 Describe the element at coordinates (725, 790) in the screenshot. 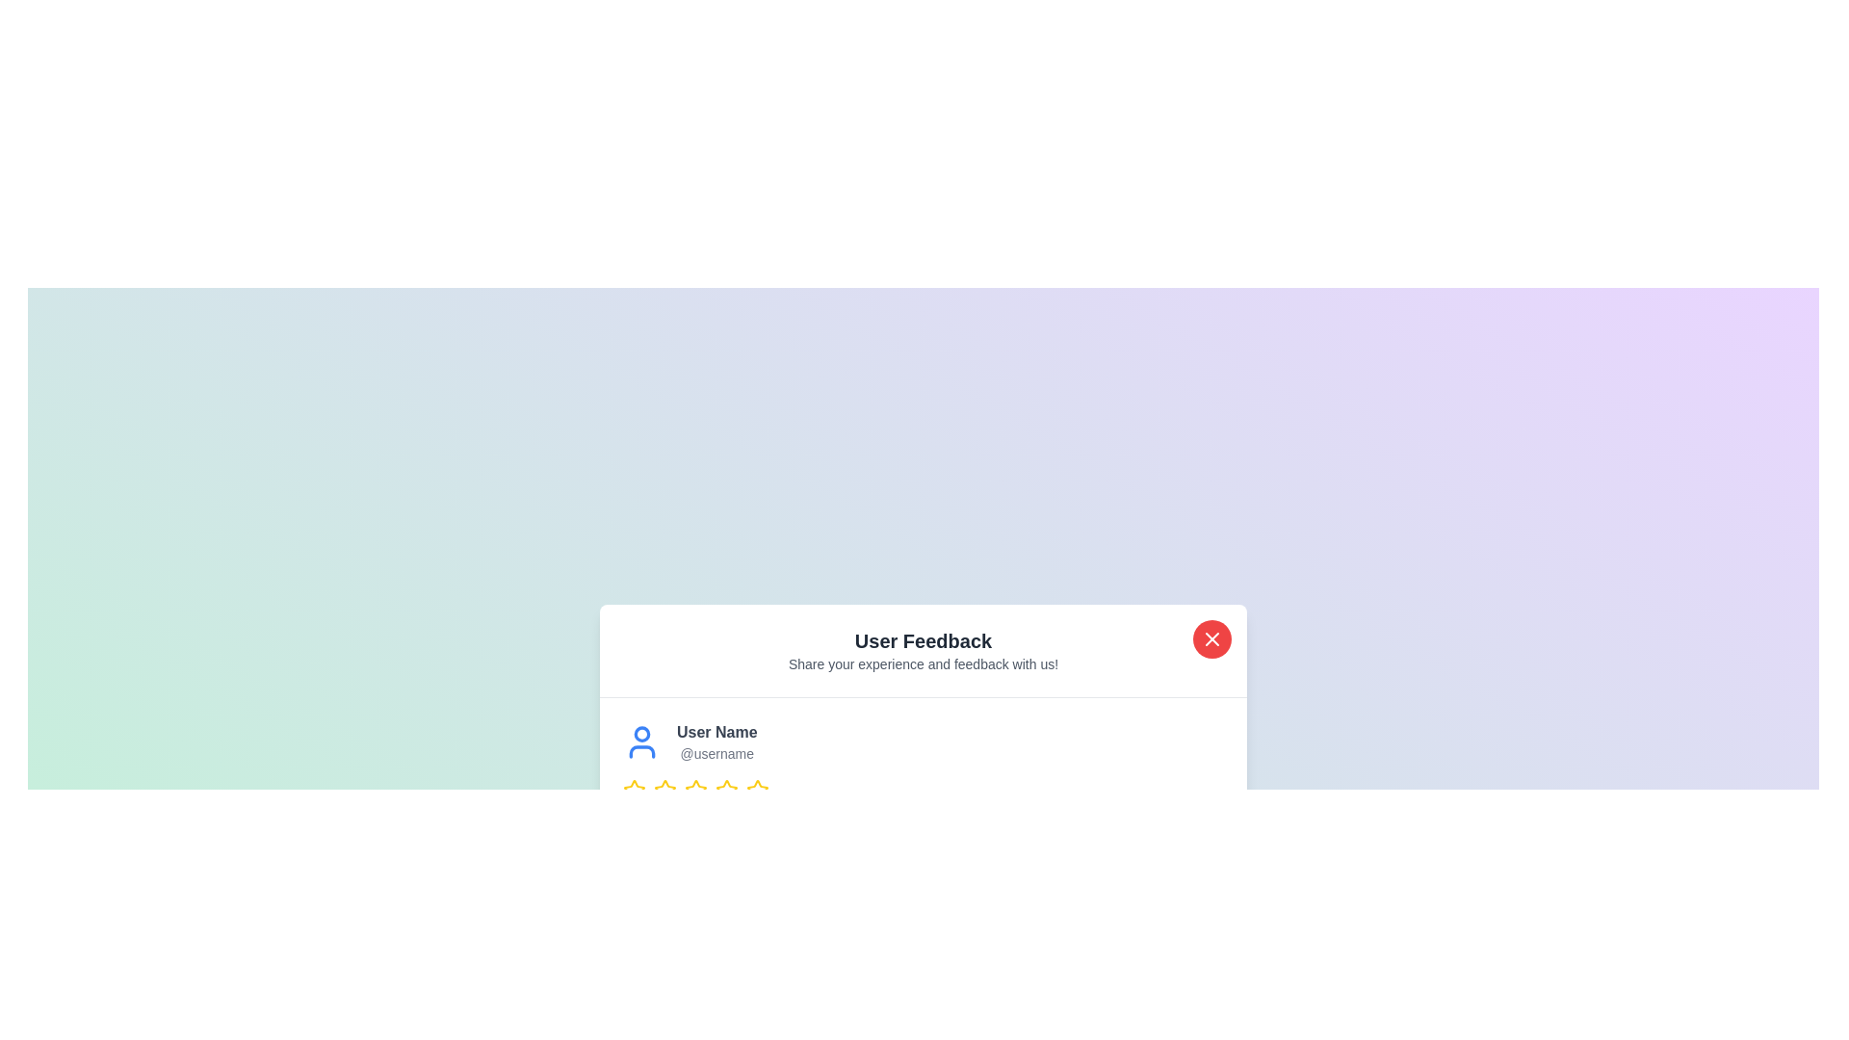

I see `the sixth star in the horizontal array of rating stars` at that location.